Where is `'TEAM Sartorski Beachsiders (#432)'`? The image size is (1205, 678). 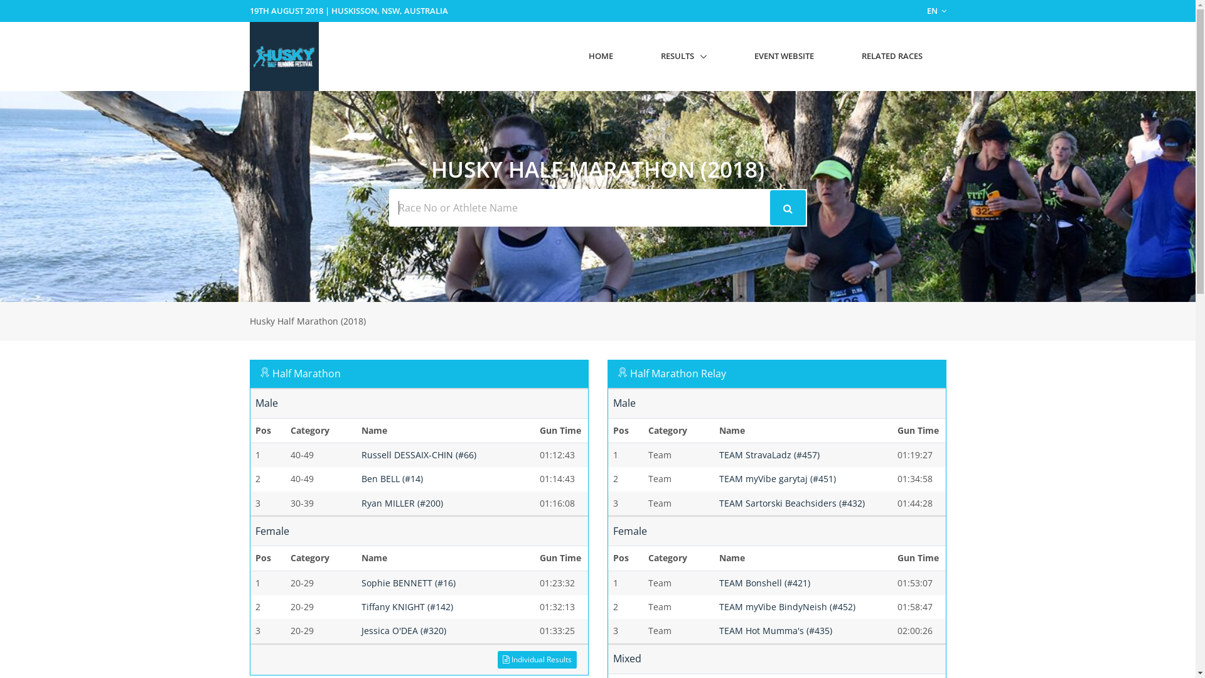 'TEAM Sartorski Beachsiders (#432)' is located at coordinates (791, 502).